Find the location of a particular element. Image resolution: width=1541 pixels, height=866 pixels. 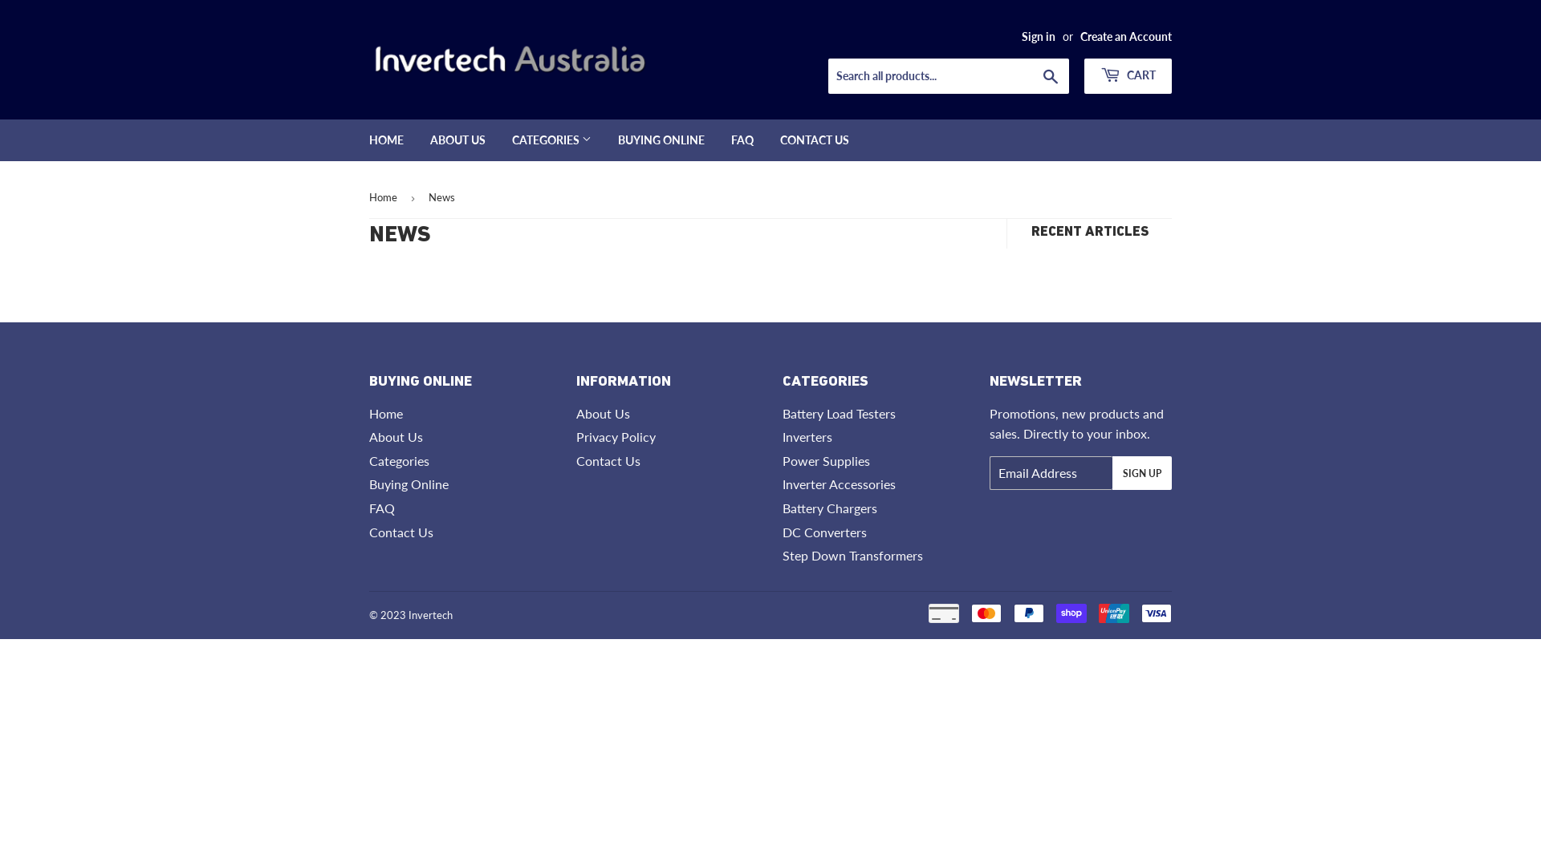

'Invertech' is located at coordinates (430, 614).